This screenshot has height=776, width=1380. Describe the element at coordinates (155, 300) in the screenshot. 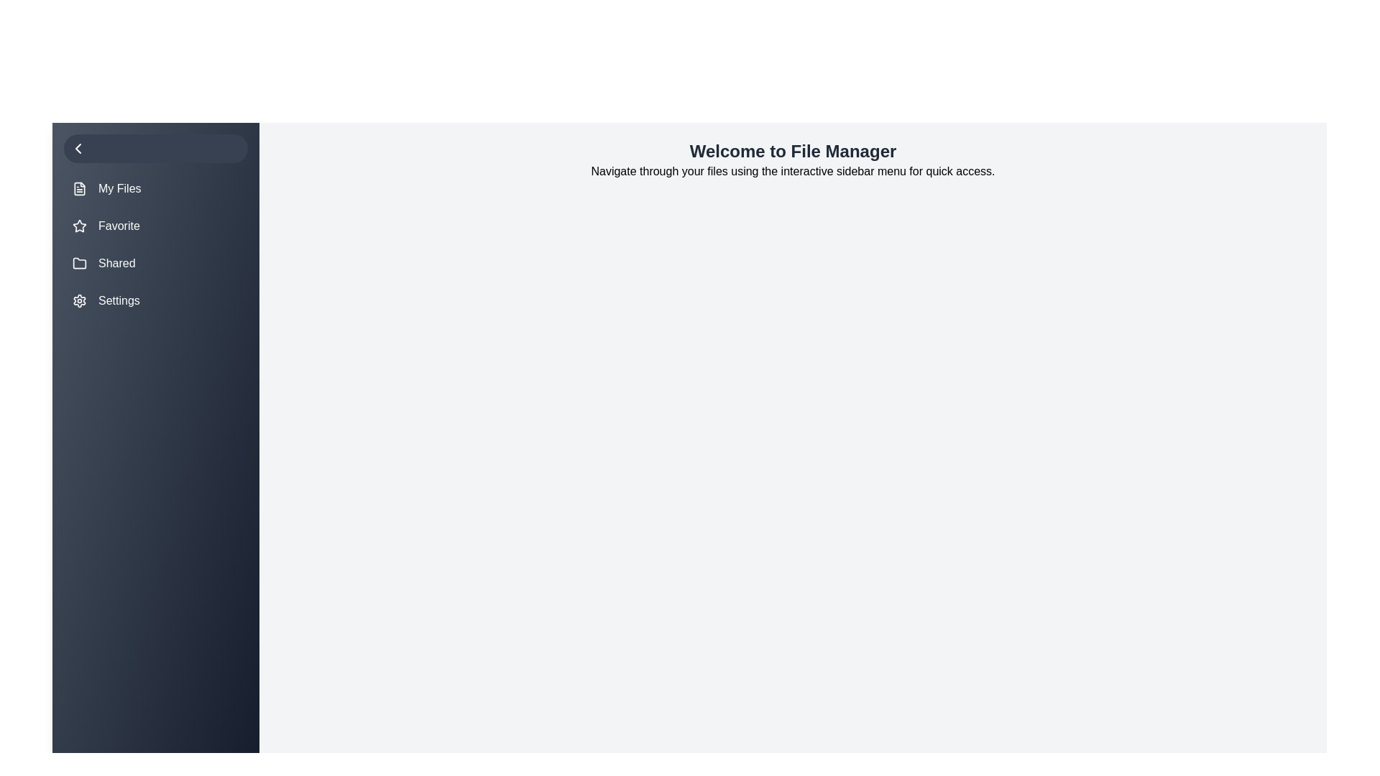

I see `the menu item Settings to highlight it` at that location.